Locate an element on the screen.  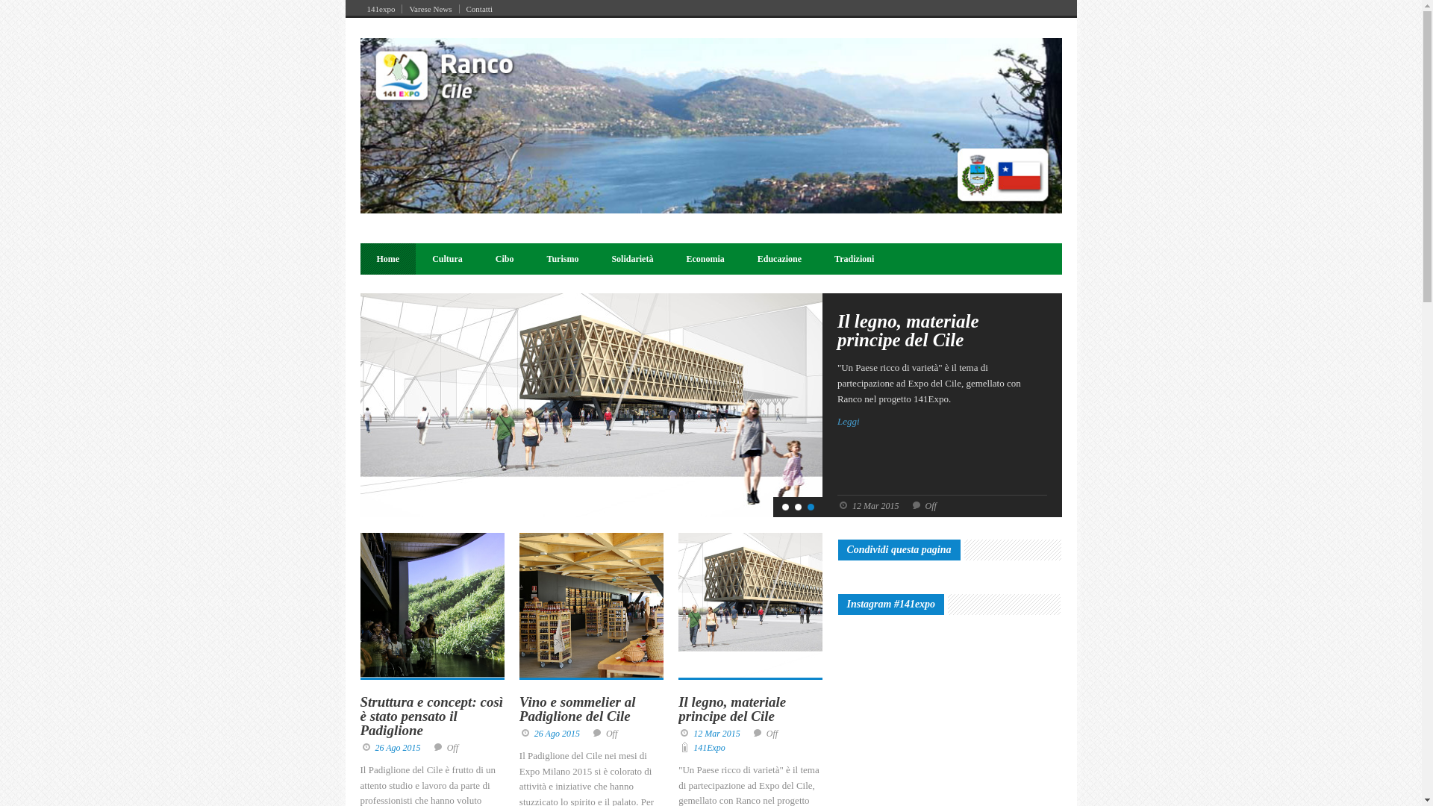
'Educazione' is located at coordinates (778, 258).